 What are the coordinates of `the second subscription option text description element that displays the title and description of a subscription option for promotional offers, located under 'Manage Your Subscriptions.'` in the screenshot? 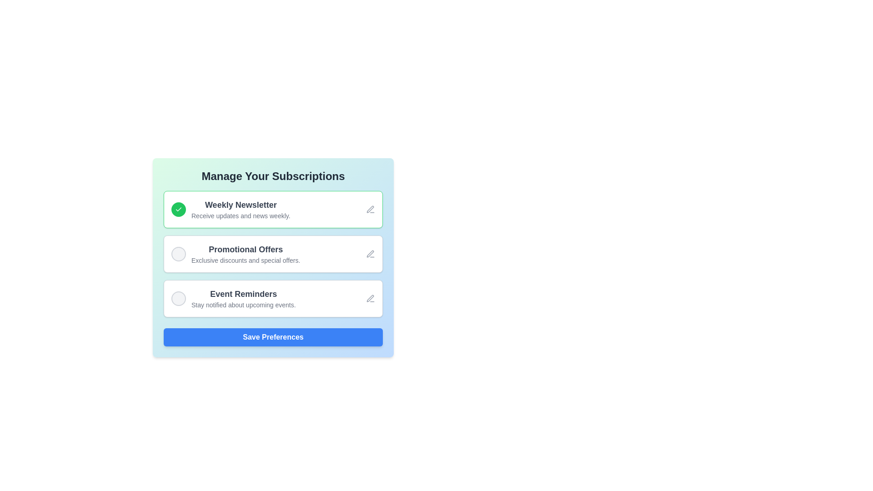 It's located at (246, 254).